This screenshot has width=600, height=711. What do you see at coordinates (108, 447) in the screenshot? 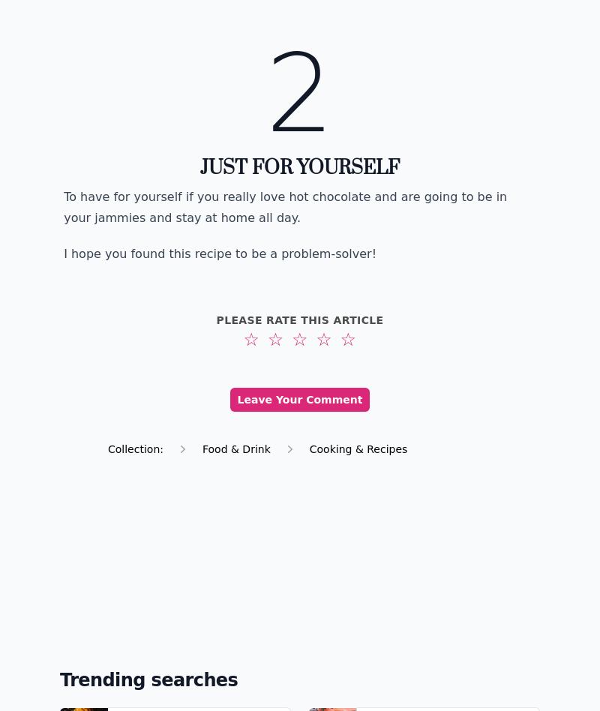
I see `'Collection:'` at bounding box center [108, 447].